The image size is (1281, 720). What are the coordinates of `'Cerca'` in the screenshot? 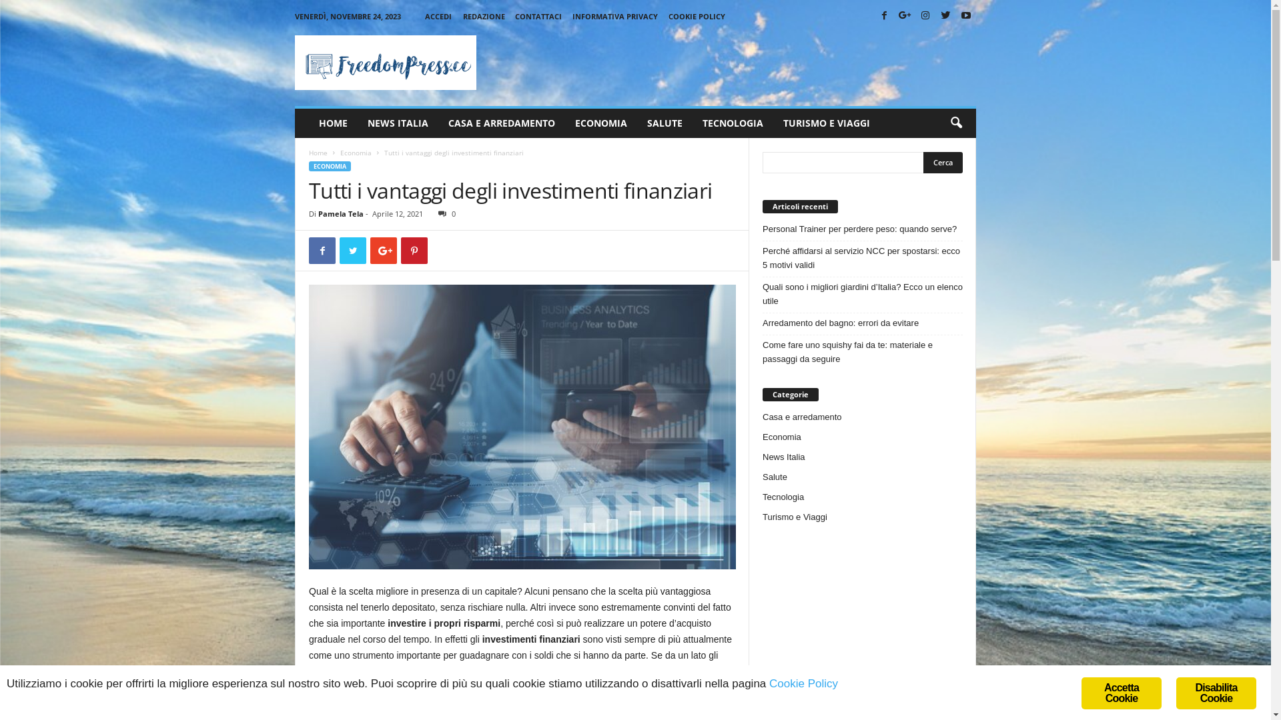 It's located at (922, 161).